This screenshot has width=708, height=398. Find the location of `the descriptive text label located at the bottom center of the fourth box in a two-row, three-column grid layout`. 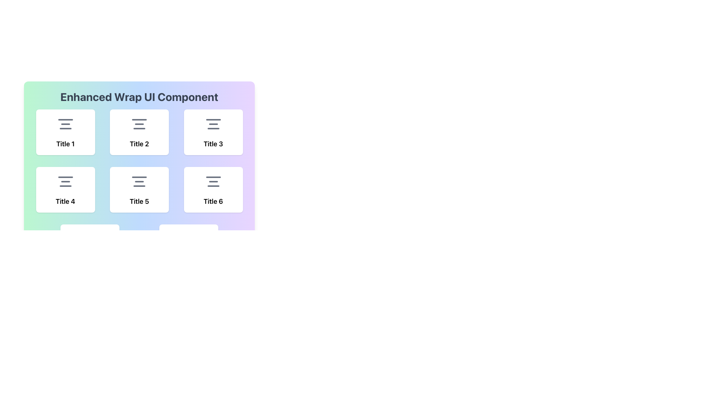

the descriptive text label located at the bottom center of the fourth box in a two-row, three-column grid layout is located at coordinates (65, 202).